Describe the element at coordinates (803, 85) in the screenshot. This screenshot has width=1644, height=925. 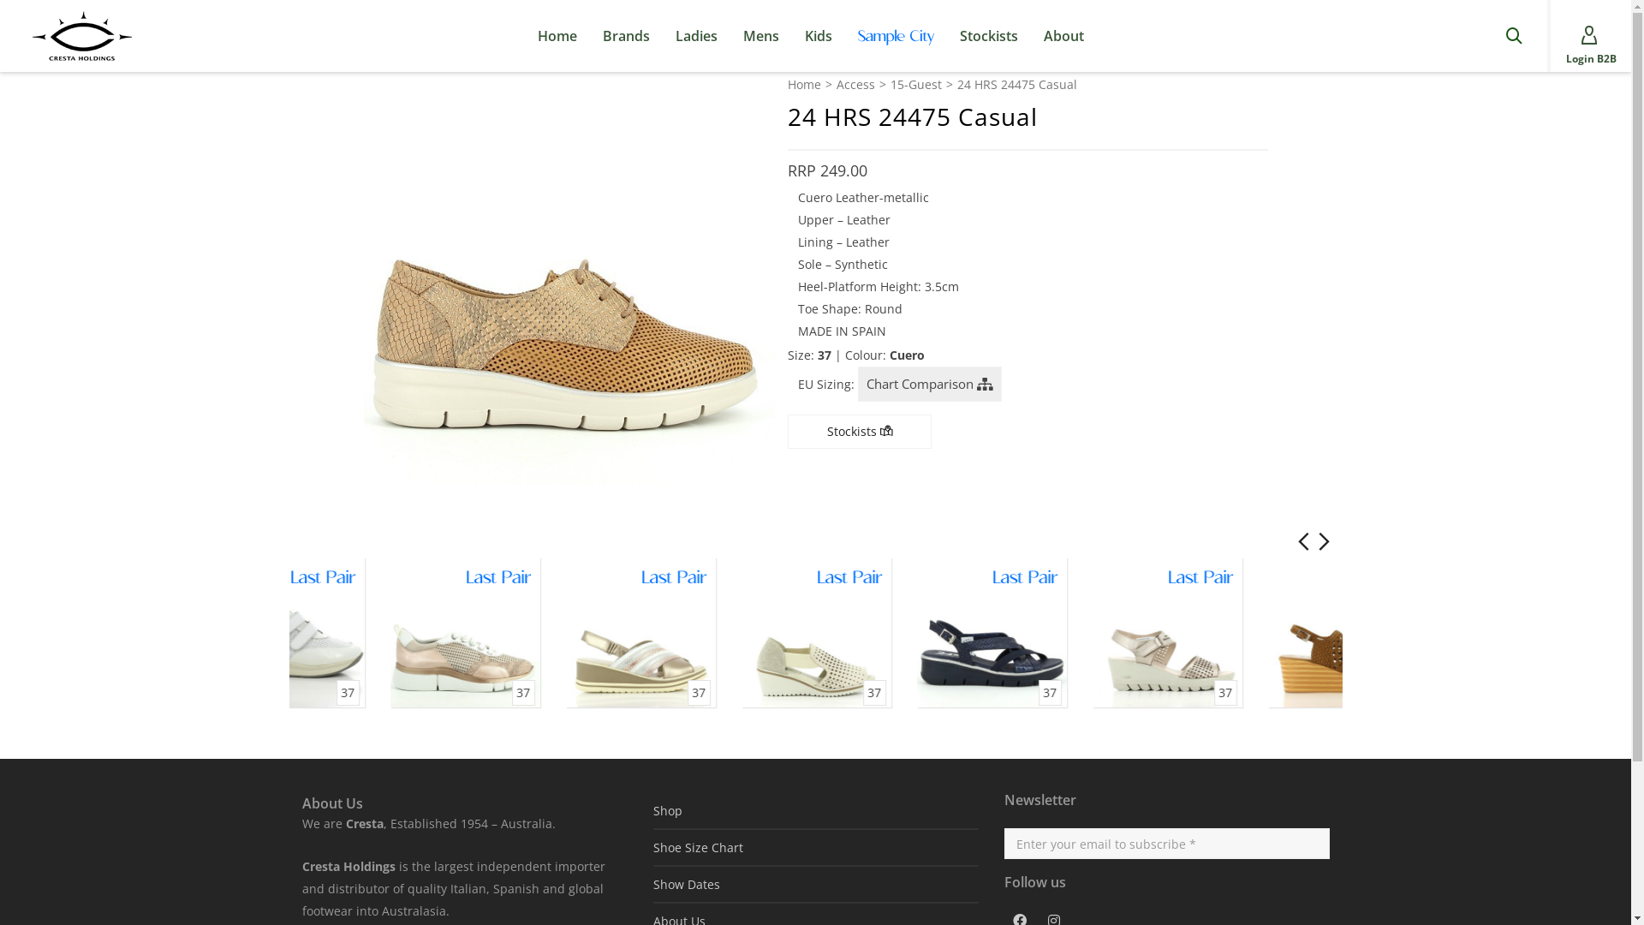
I see `'Home'` at that location.